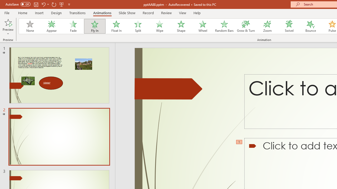  Describe the element at coordinates (289, 26) in the screenshot. I see `'Swivel'` at that location.